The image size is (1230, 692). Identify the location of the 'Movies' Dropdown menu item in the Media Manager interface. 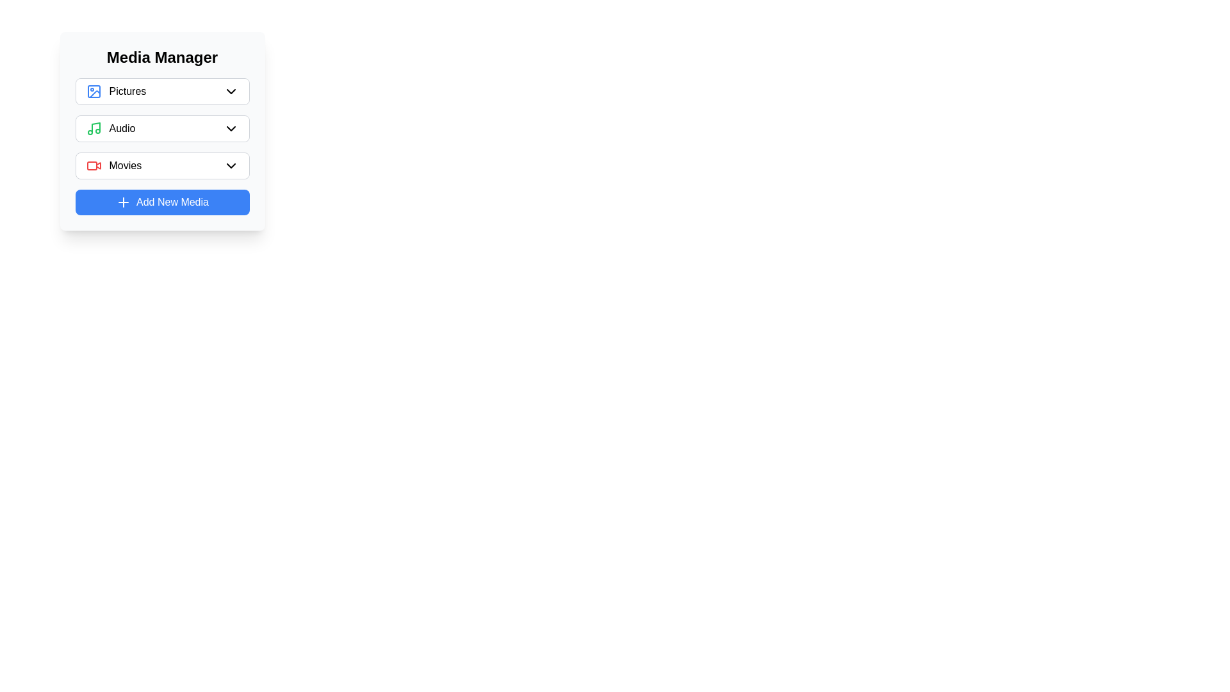
(161, 165).